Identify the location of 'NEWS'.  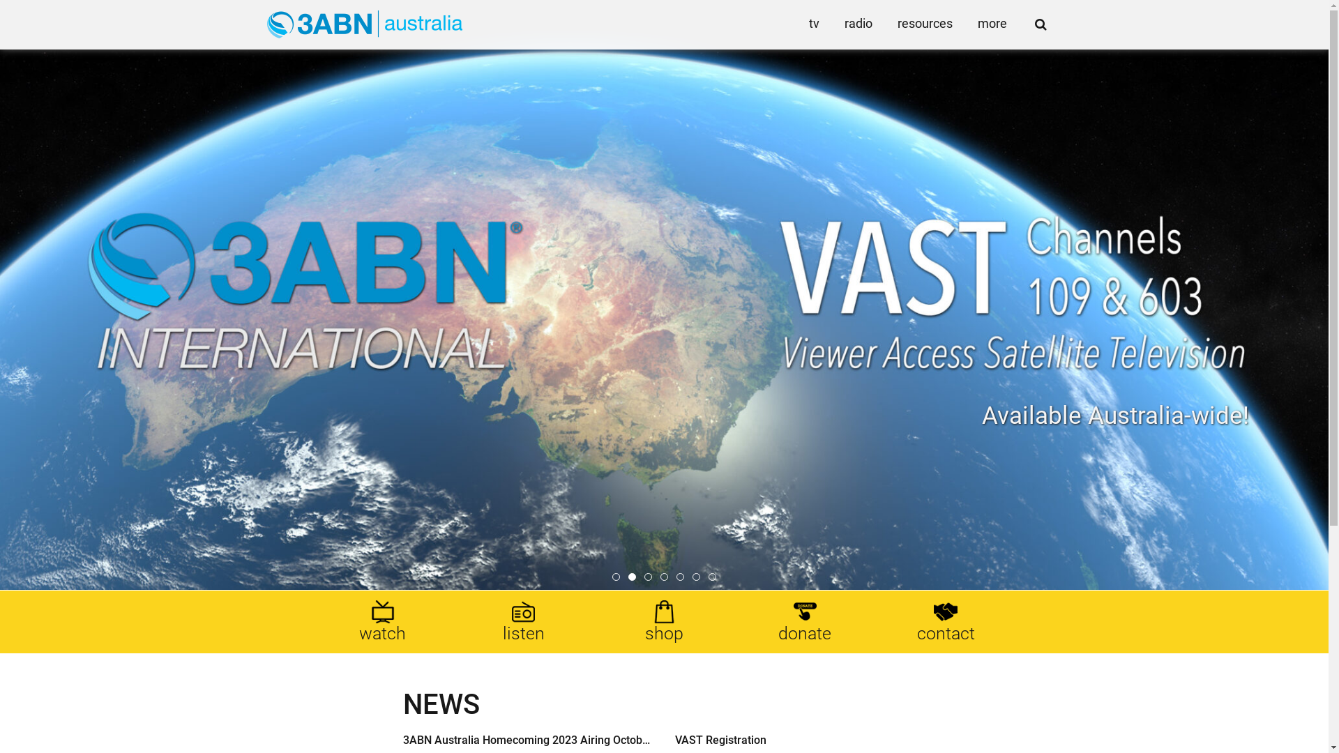
(441, 704).